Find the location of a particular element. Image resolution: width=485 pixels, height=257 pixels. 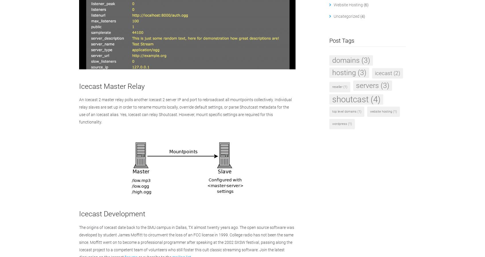

'Post Tags' is located at coordinates (341, 40).